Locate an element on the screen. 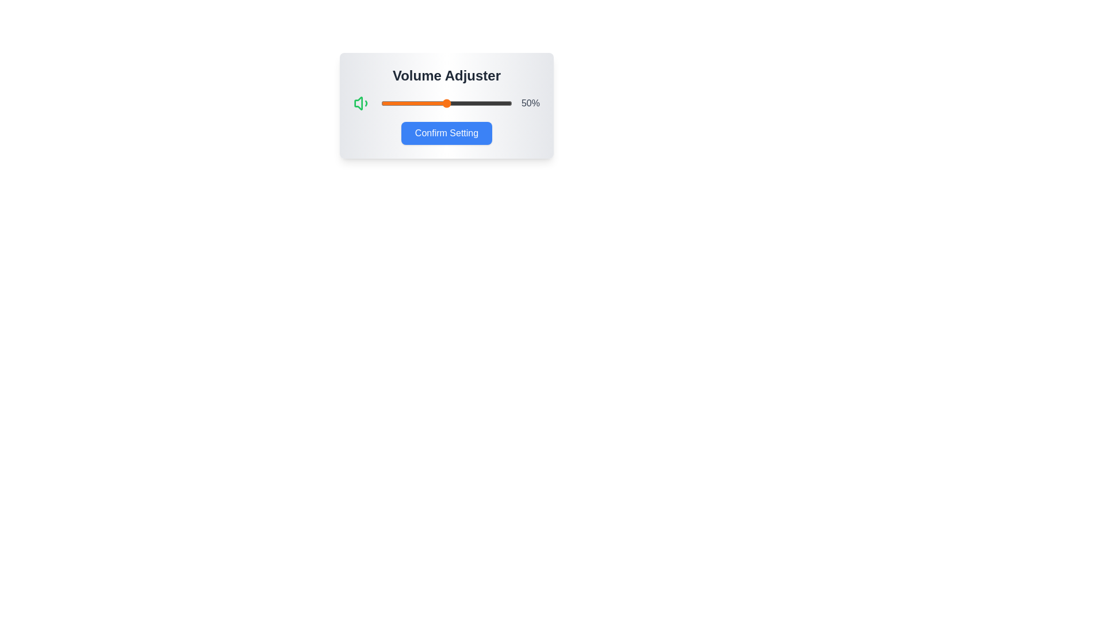  the volume slider to 2% is located at coordinates (384, 103).